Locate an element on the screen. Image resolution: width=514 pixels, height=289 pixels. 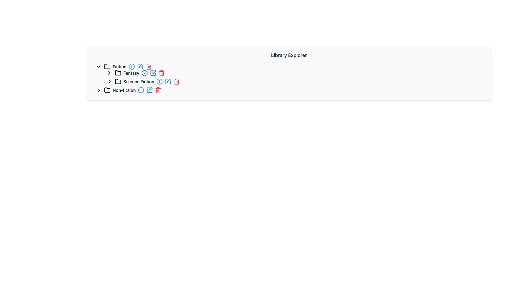
the edit icon button, which is the second icon in a group of three, located to the right of the text 'Science Fiction' is located at coordinates (168, 81).